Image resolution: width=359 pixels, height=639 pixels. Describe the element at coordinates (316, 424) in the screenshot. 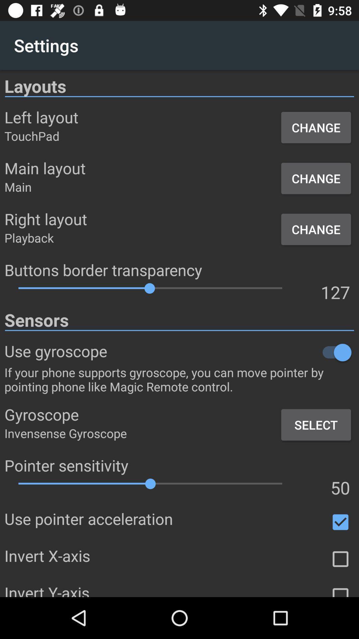

I see `the select item` at that location.